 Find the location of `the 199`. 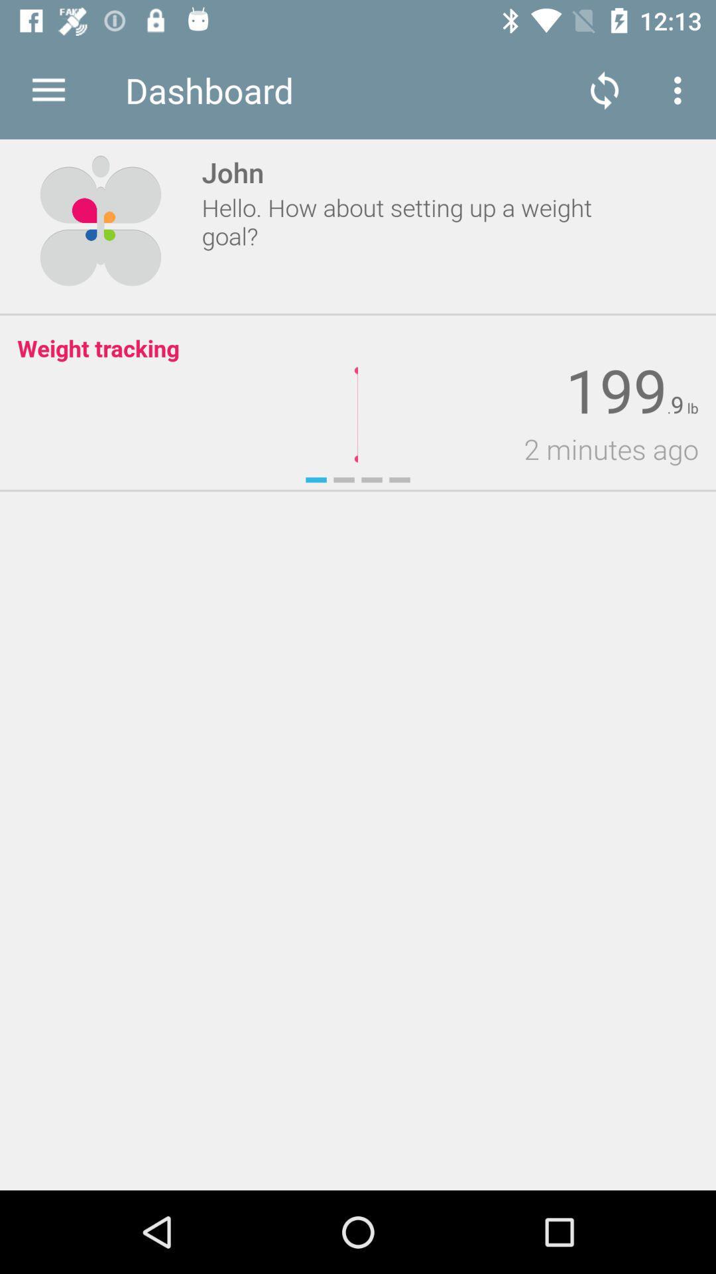

the 199 is located at coordinates (616, 391).